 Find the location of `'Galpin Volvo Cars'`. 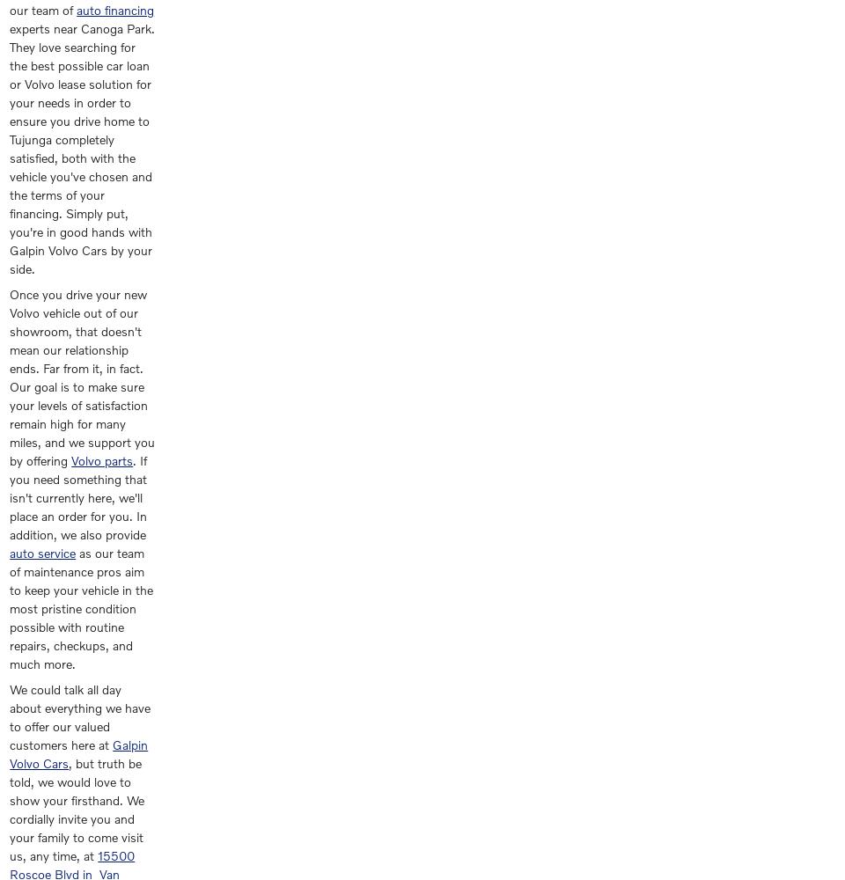

'Galpin Volvo Cars' is located at coordinates (78, 753).